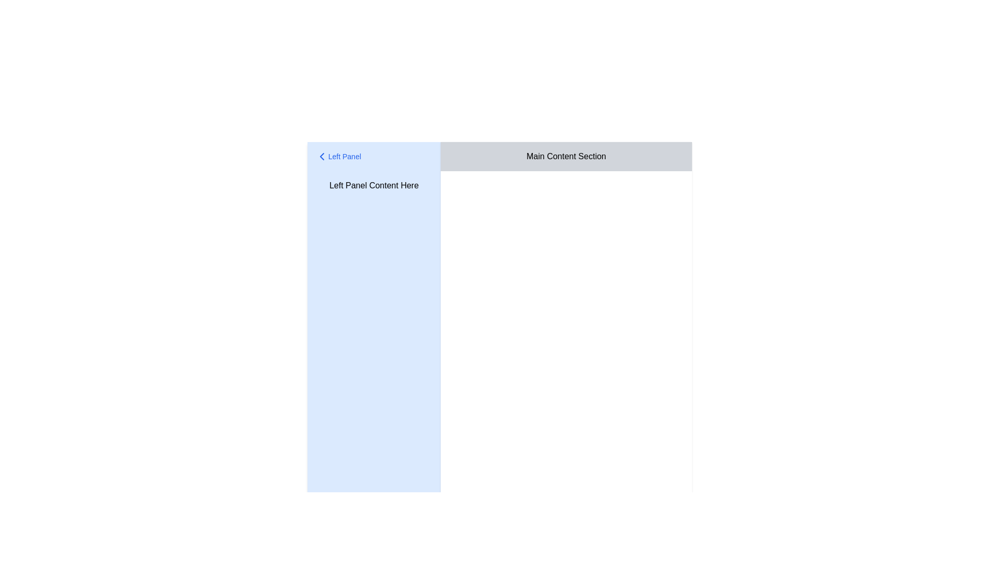 The height and width of the screenshot is (562, 999). What do you see at coordinates (322, 156) in the screenshot?
I see `the chevron arrow button located in the top-left section of the interface, adjacent to the 'Left Panel' text label, to invoke navigation or toggle the panel` at bounding box center [322, 156].